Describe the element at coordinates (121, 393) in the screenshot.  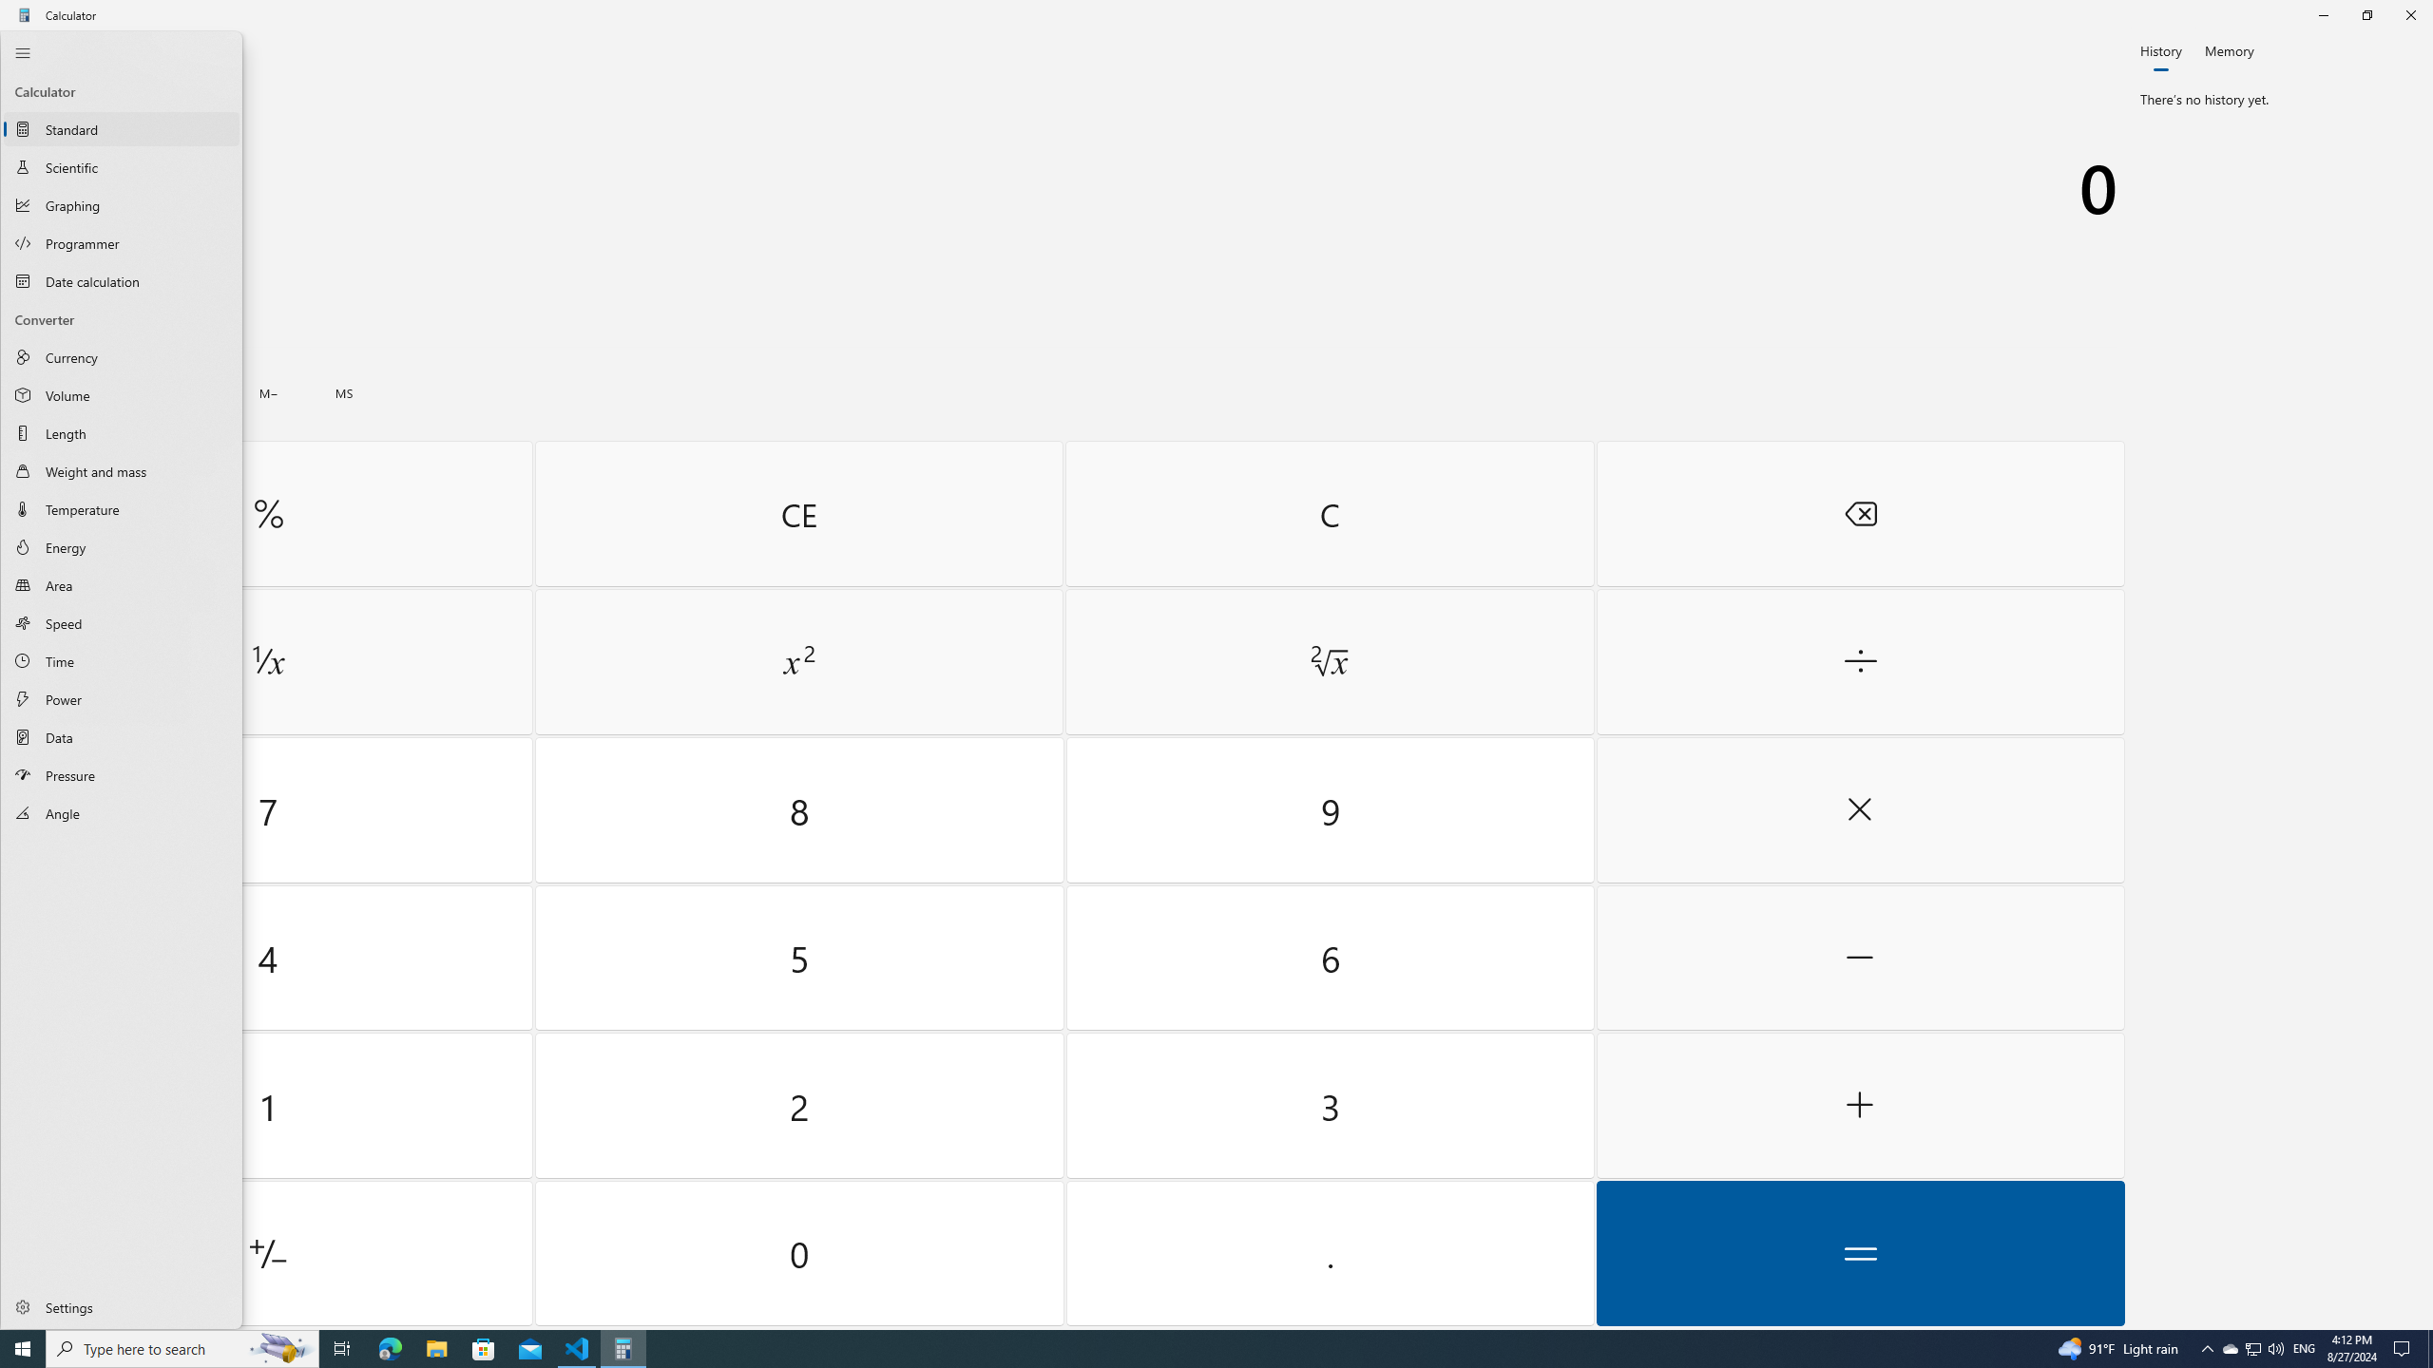
I see `'Volume Converter'` at that location.